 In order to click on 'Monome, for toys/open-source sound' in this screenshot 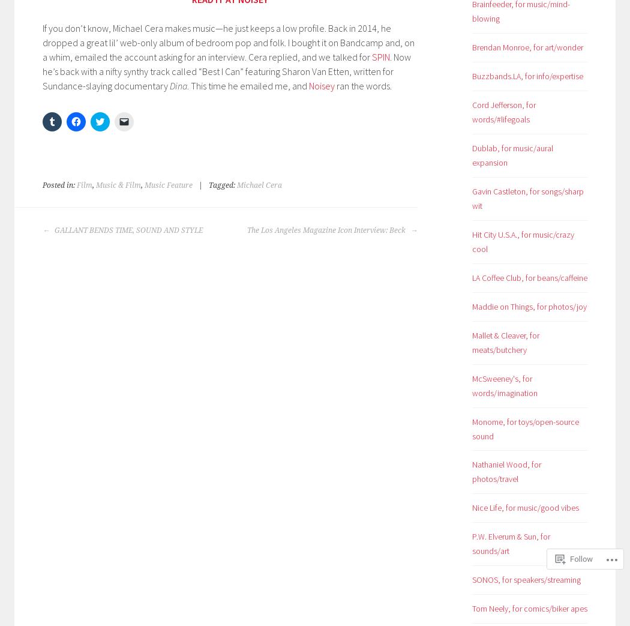, I will do `click(524, 429)`.